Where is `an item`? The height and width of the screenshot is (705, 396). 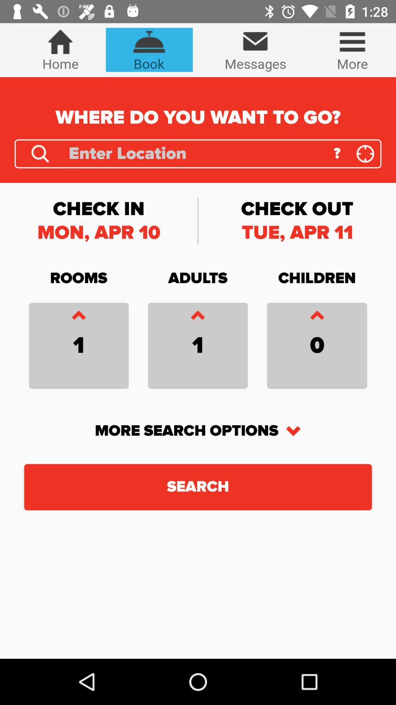 an item is located at coordinates (316, 317).